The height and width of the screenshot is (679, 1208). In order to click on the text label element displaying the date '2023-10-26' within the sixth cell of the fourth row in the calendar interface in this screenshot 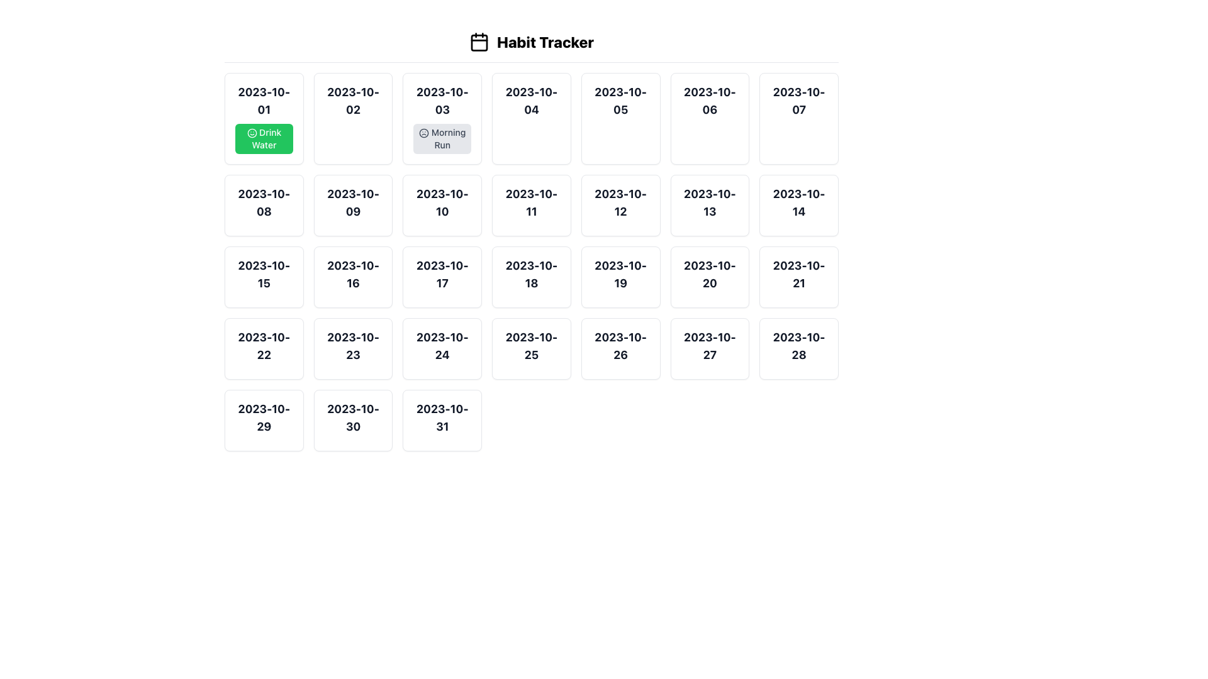, I will do `click(620, 346)`.